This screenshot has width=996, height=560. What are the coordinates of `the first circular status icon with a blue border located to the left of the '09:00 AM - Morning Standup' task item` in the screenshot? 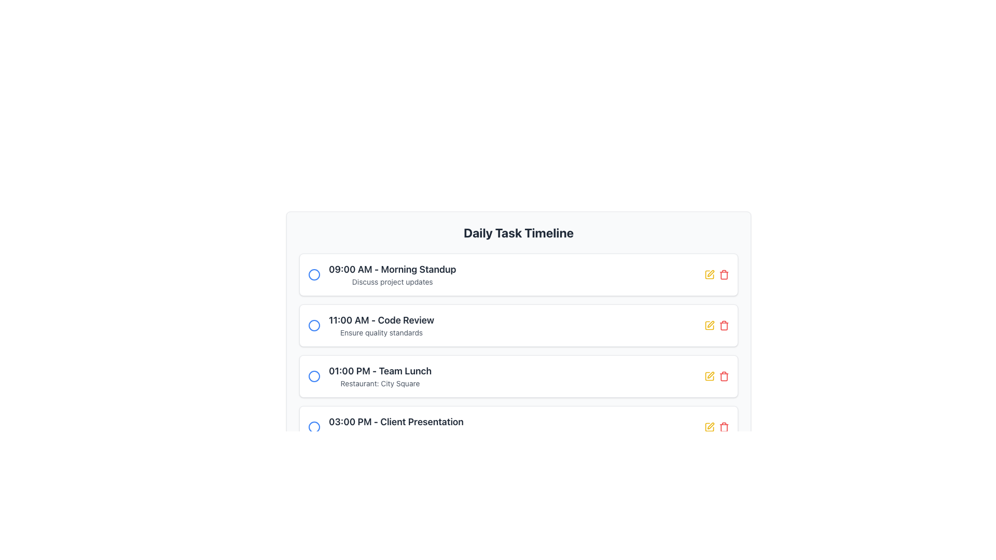 It's located at (313, 274).